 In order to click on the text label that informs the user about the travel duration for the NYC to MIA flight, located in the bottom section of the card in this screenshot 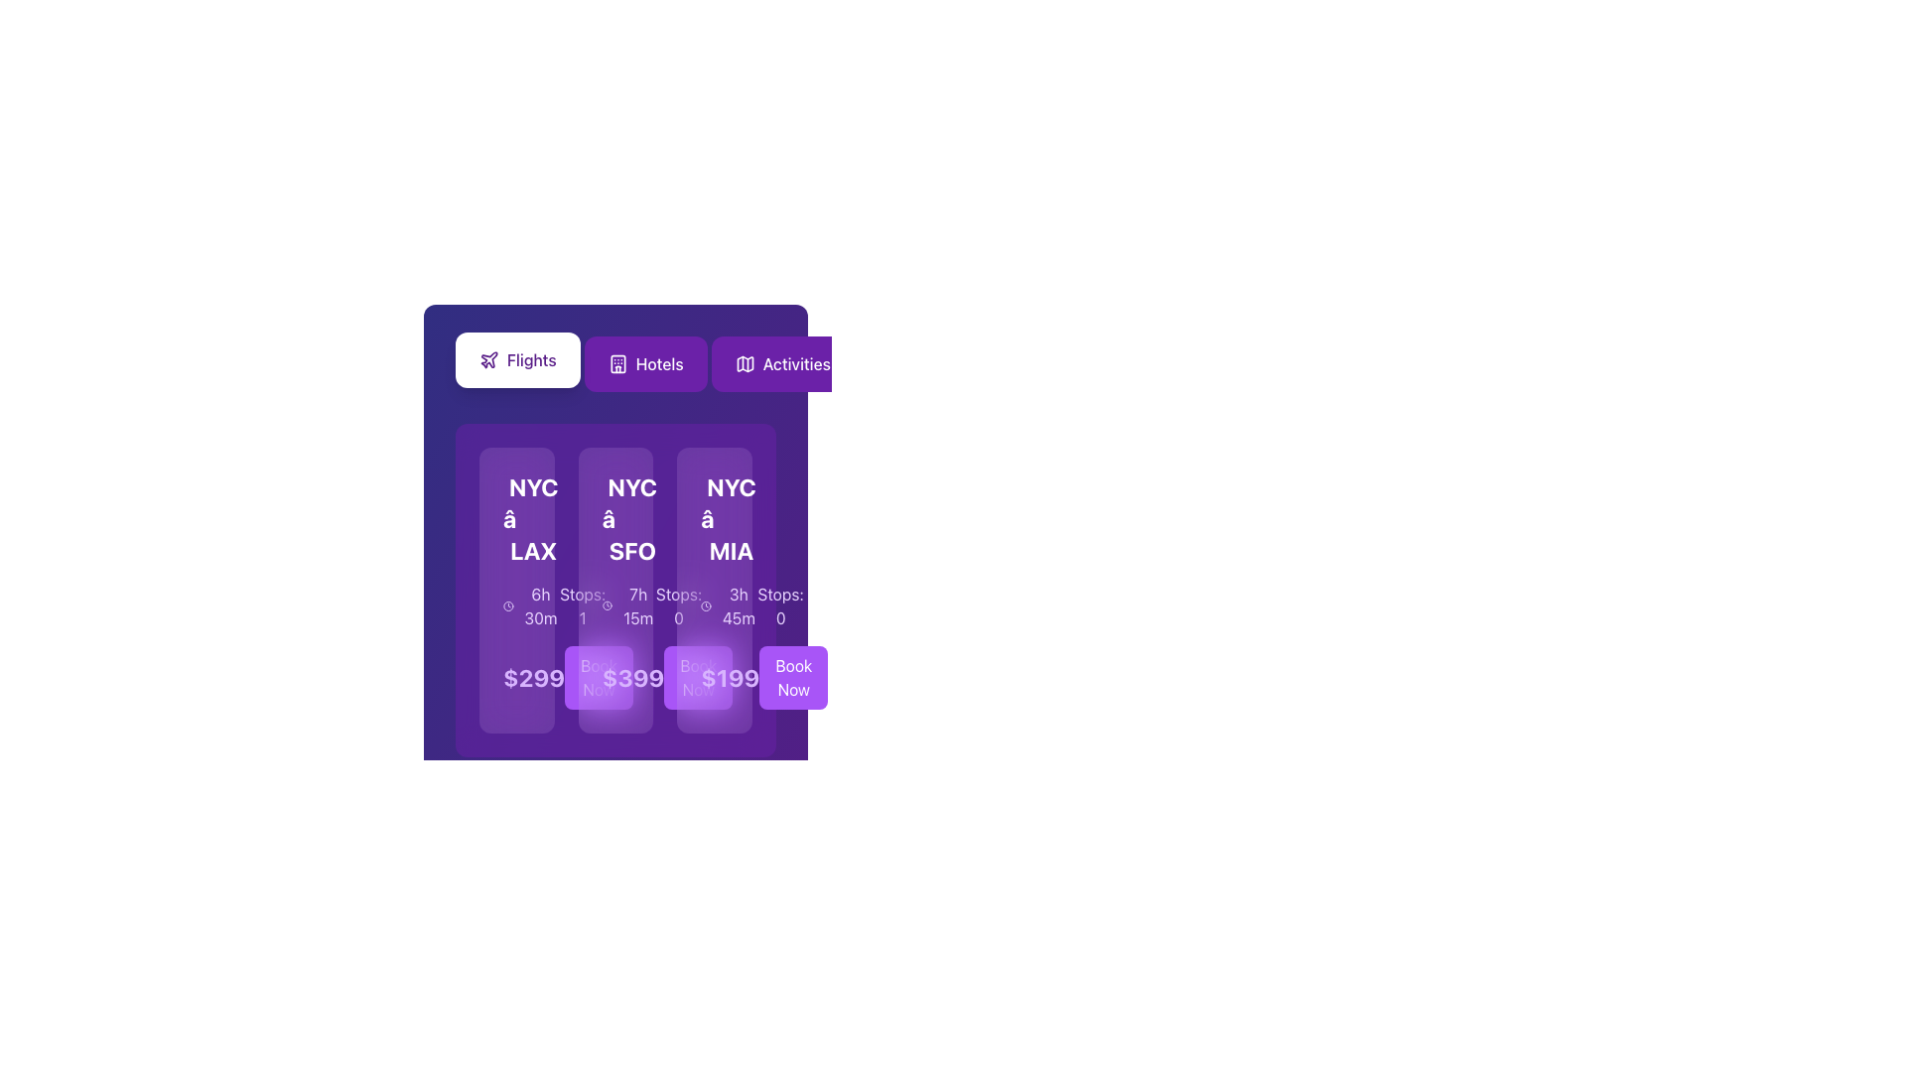, I will do `click(738, 604)`.